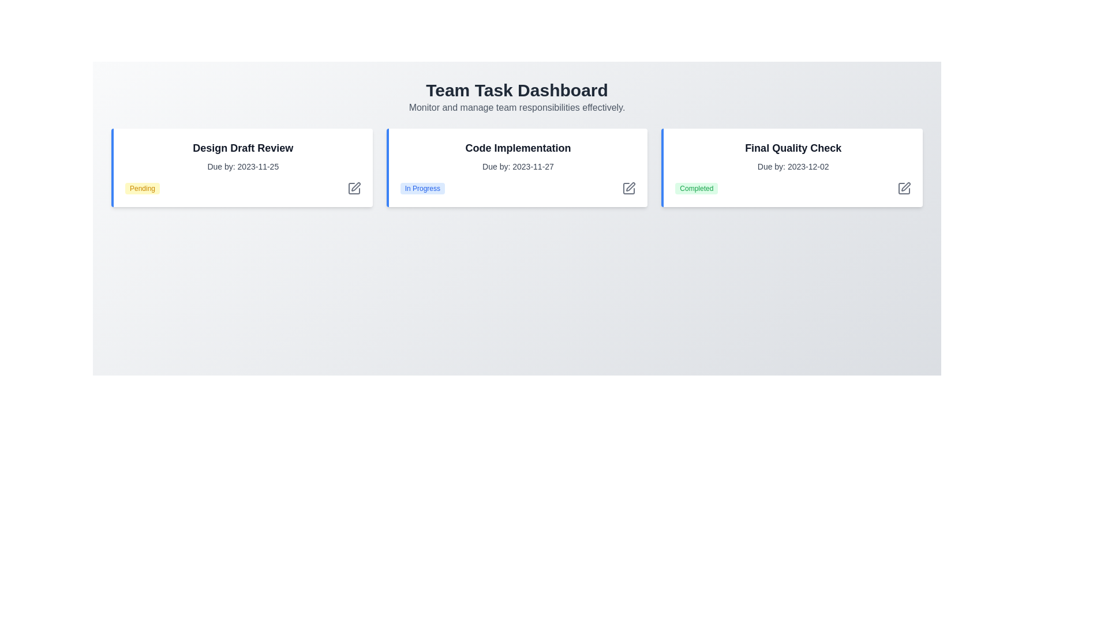 The image size is (1108, 623). What do you see at coordinates (422, 188) in the screenshot?
I see `the 'In Progress' text label, which is a small rectangular label with rounded edges, displaying the text in blue on a light blue background, located in the 'Code Implementation' task card` at bounding box center [422, 188].